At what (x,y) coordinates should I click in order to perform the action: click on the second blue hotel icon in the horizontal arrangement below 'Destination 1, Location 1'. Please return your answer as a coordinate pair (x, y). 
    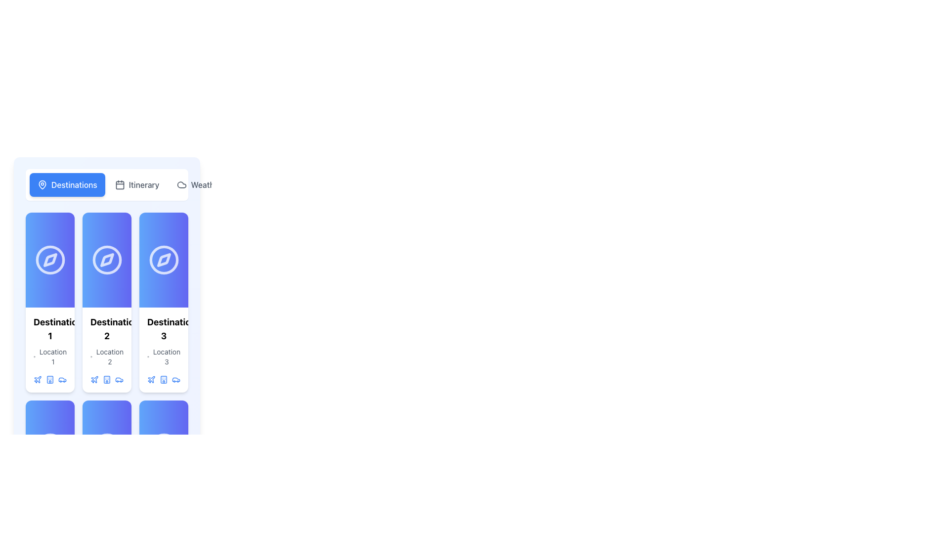
    Looking at the image, I should click on (49, 379).